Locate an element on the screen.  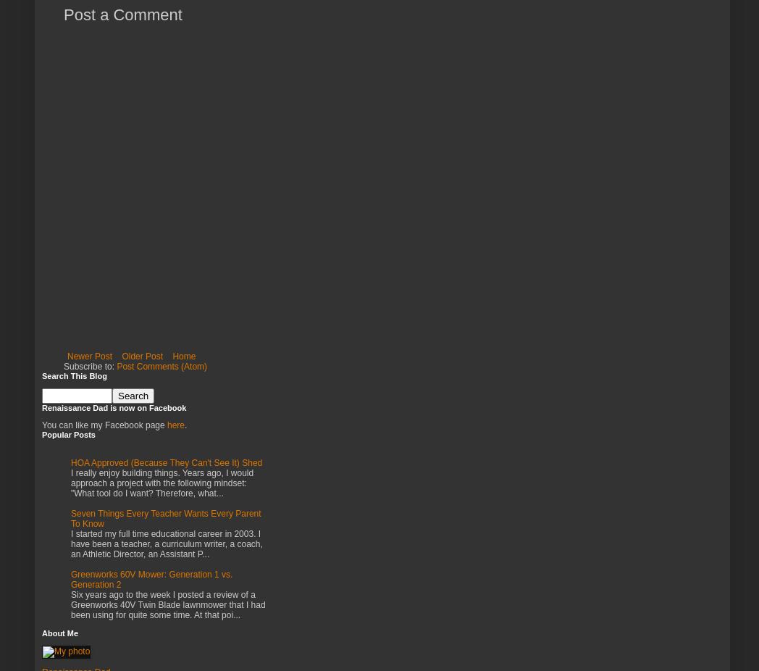
'Six years ago to the week I posted a review  of a Greenworks 40V Twin Blade lawnmower that I had been using for quite some time. At that poi...' is located at coordinates (168, 604).